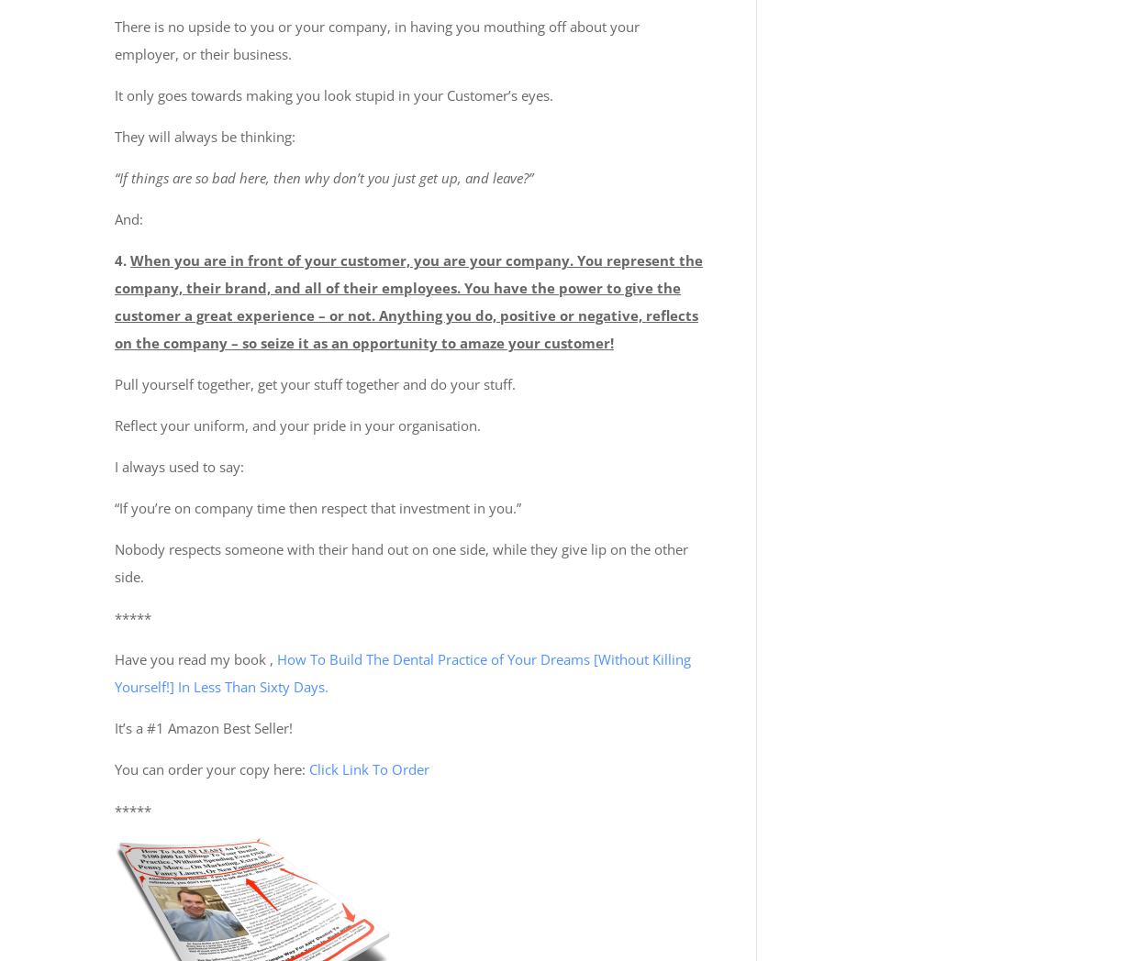 Image resolution: width=1147 pixels, height=961 pixels. Describe the element at coordinates (203, 726) in the screenshot. I see `'It’s a #1 Amazon Best Seller!'` at that location.